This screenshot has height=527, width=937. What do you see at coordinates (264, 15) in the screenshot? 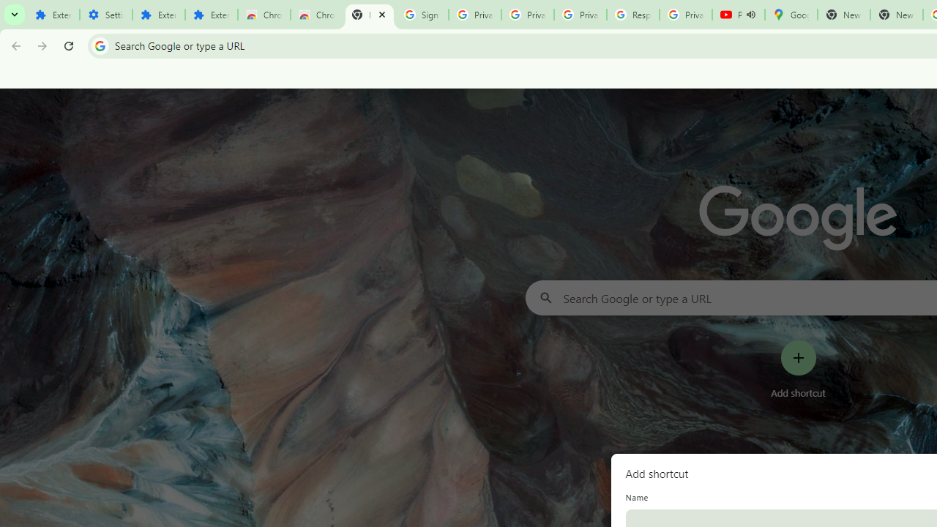
I see `'Chrome Web Store'` at bounding box center [264, 15].